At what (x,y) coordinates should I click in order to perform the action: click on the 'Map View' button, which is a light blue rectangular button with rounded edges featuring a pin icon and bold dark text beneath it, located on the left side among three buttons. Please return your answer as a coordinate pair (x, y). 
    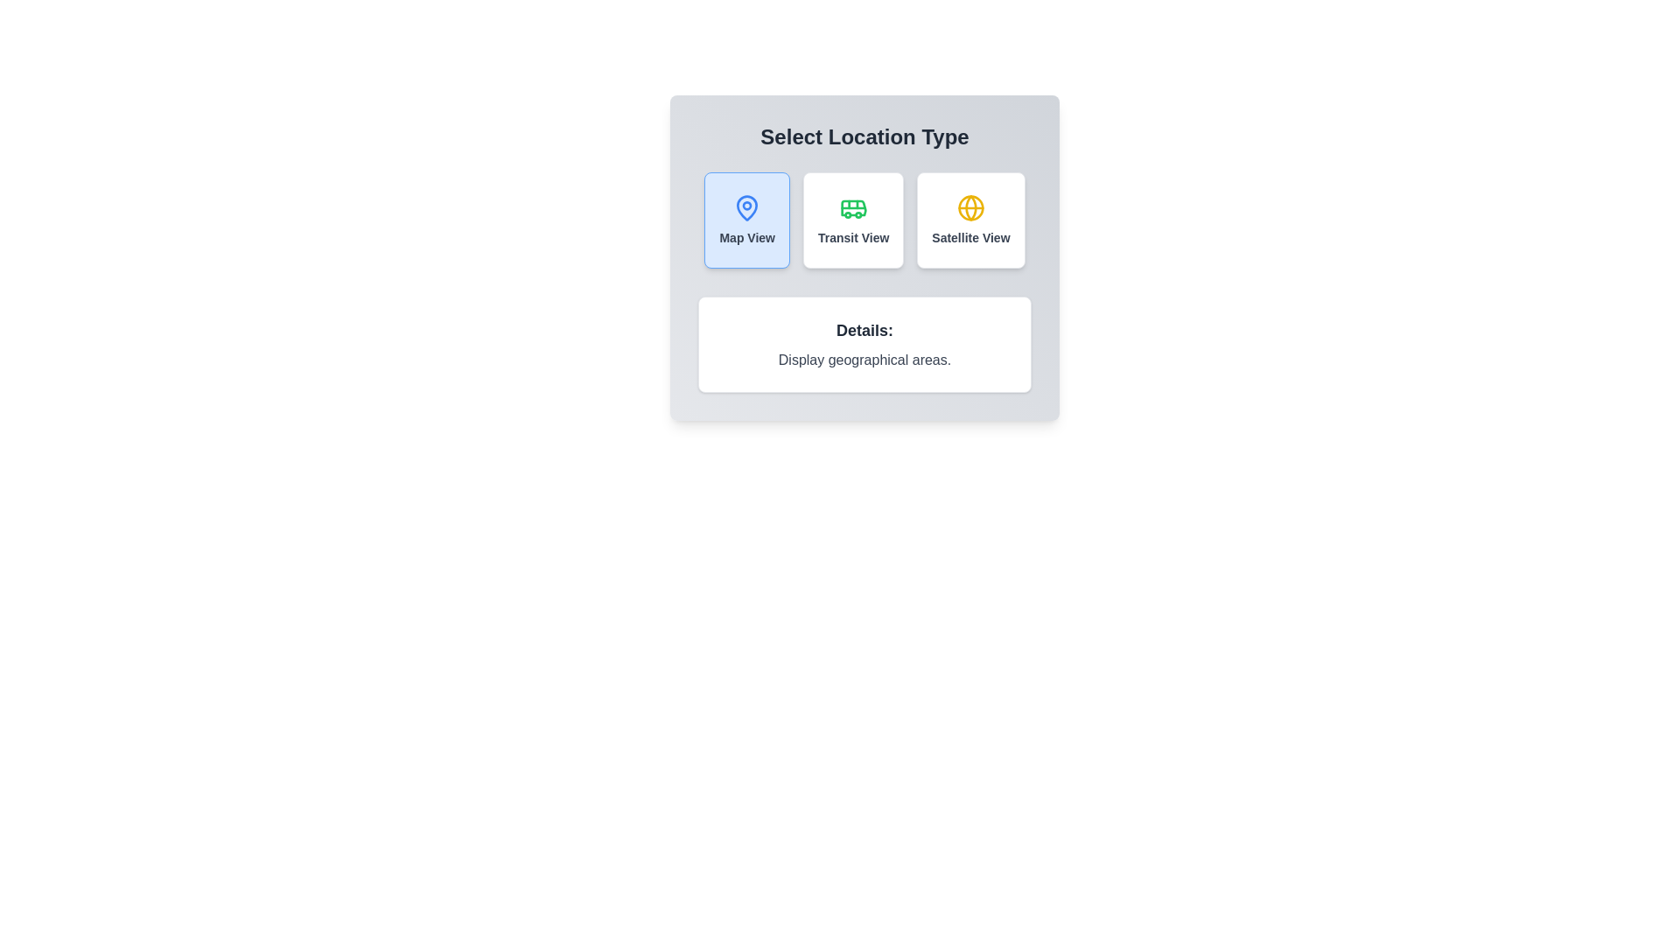
    Looking at the image, I should click on (747, 219).